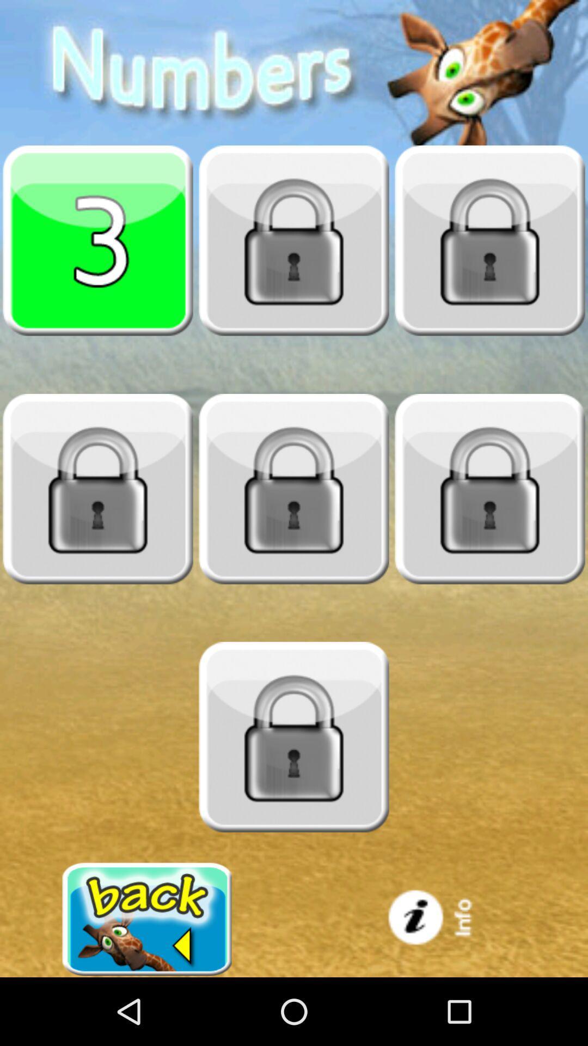 The height and width of the screenshot is (1046, 588). What do you see at coordinates (489, 488) in the screenshot?
I see `unlock level` at bounding box center [489, 488].